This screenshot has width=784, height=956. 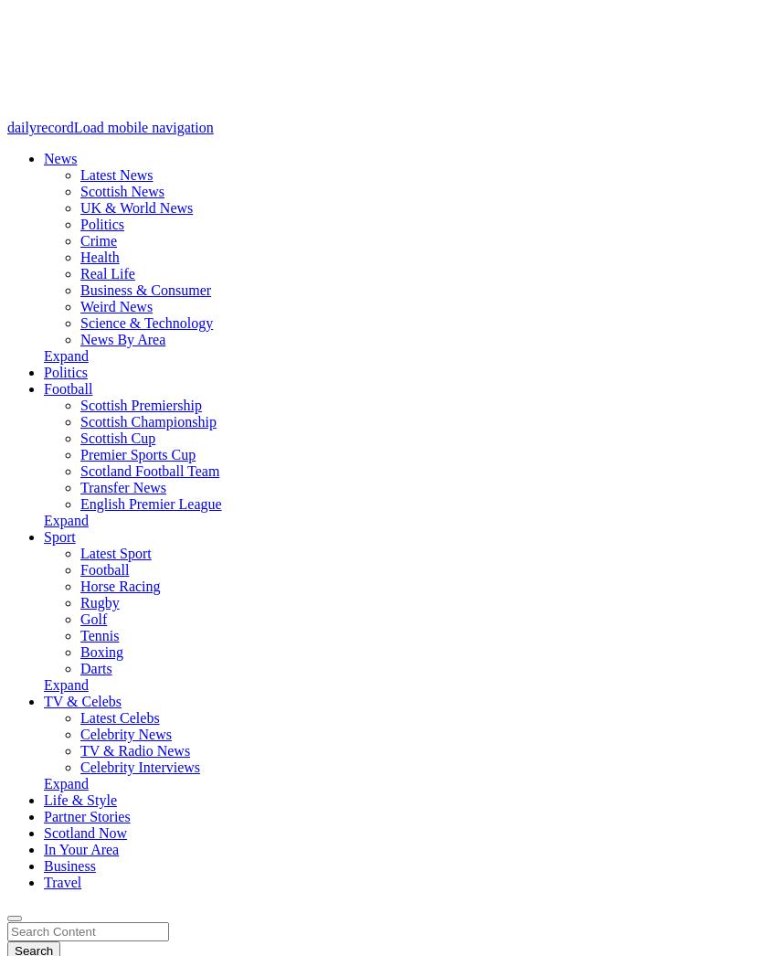 What do you see at coordinates (42, 833) in the screenshot?
I see `'Scotland Now'` at bounding box center [42, 833].